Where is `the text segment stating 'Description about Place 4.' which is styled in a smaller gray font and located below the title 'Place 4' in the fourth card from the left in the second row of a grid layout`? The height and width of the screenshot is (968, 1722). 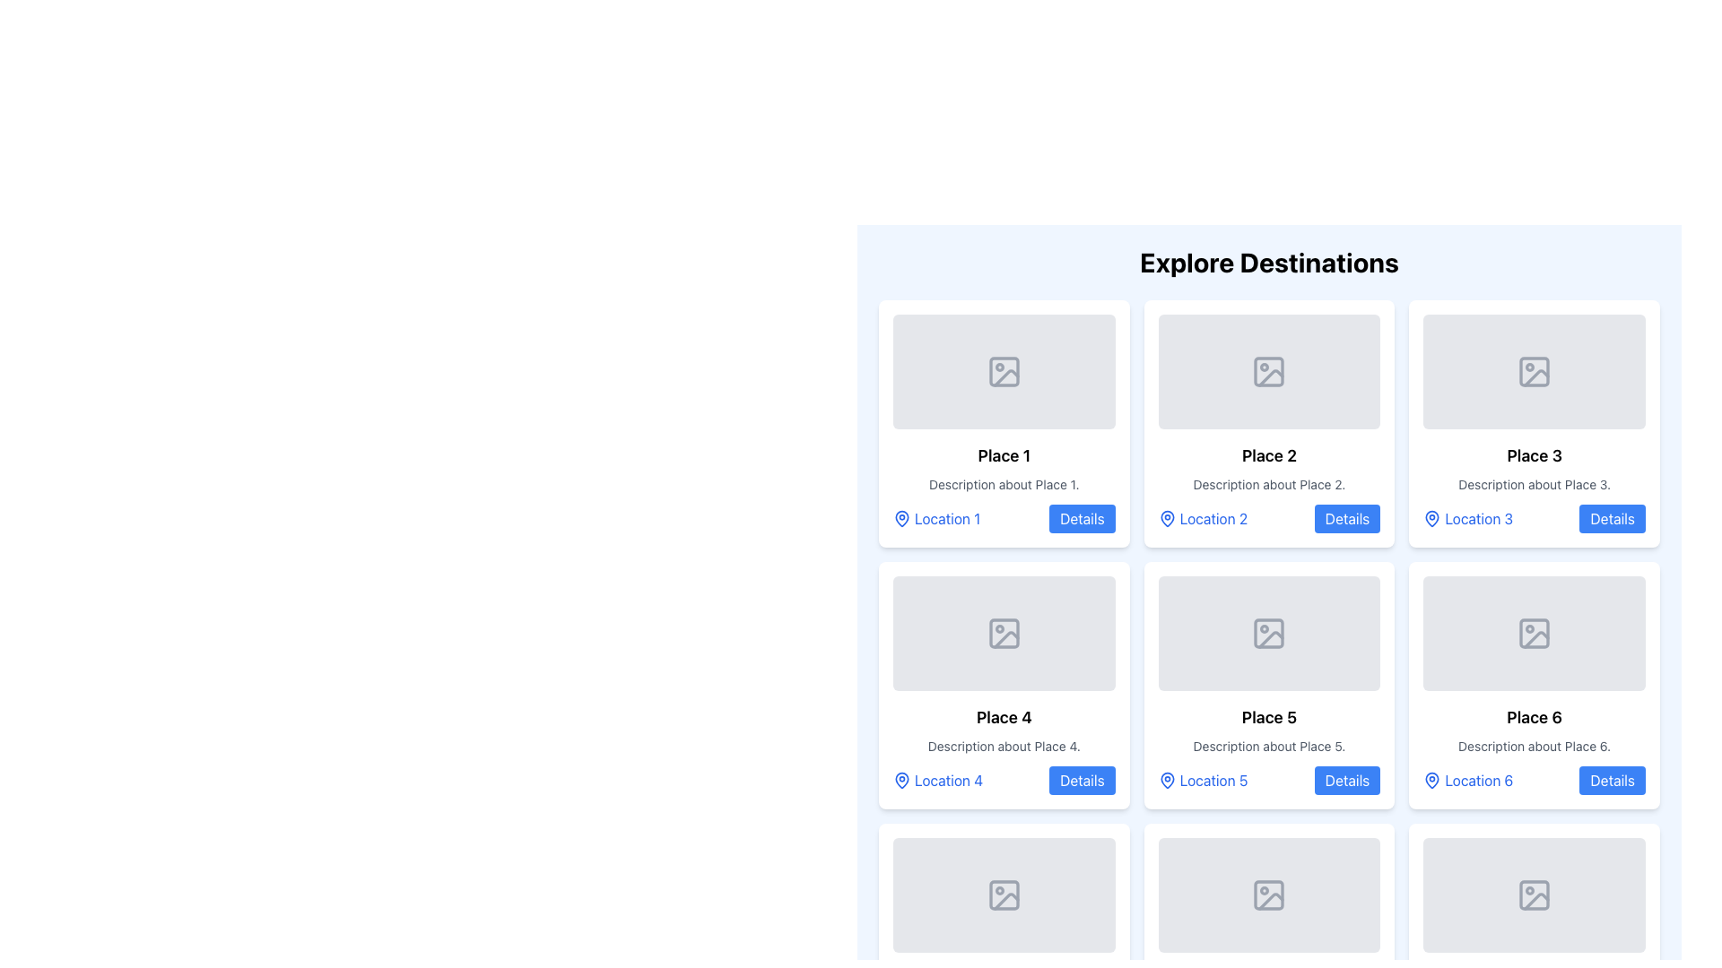 the text segment stating 'Description about Place 4.' which is styled in a smaller gray font and located below the title 'Place 4' in the fourth card from the left in the second row of a grid layout is located at coordinates (1003, 747).